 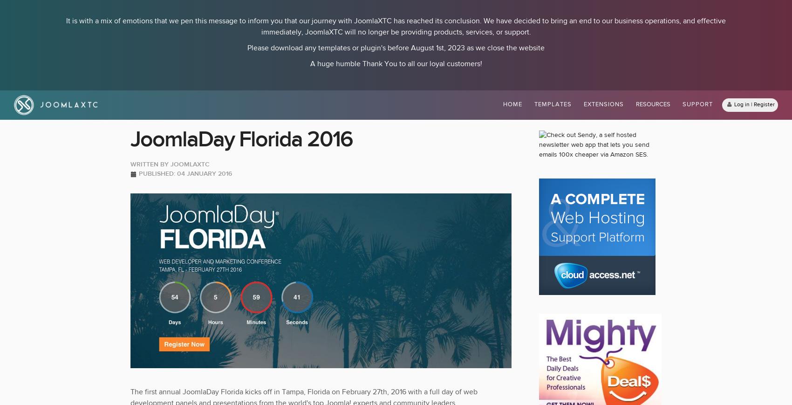 What do you see at coordinates (652, 104) in the screenshot?
I see `'Resources'` at bounding box center [652, 104].